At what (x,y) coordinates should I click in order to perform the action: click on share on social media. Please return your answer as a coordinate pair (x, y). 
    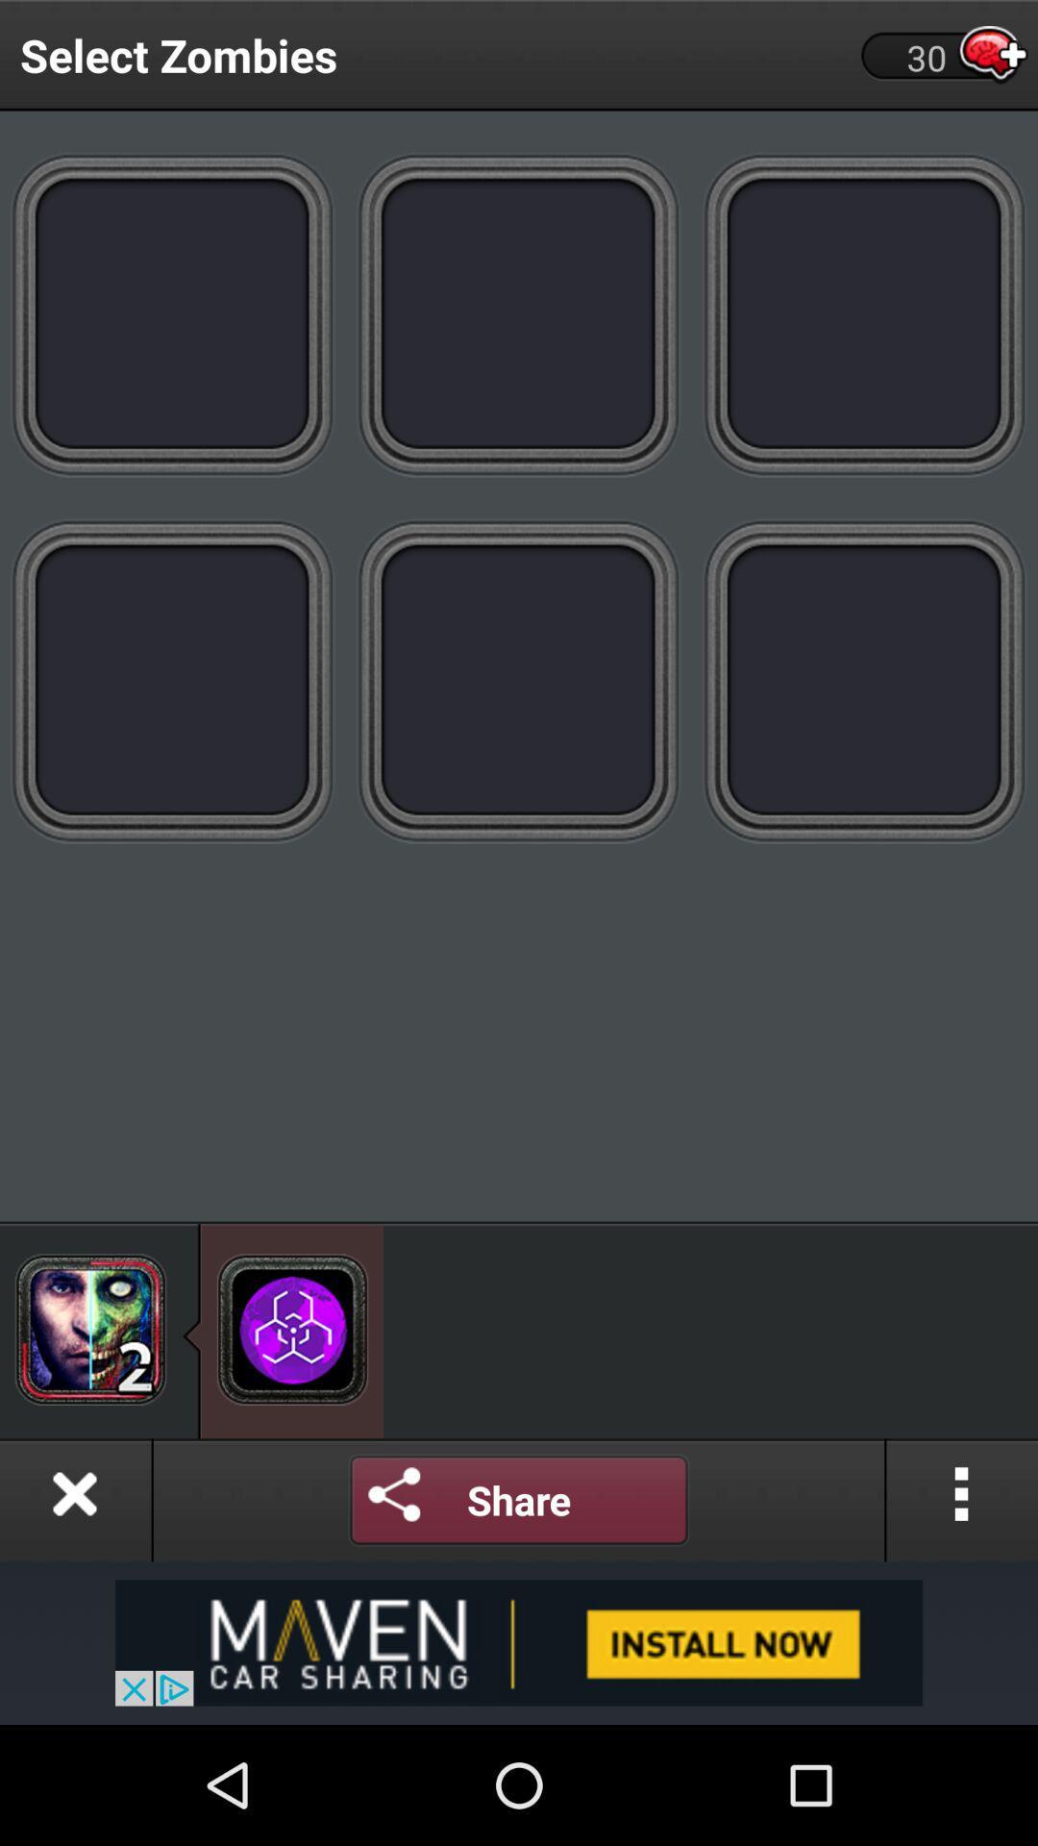
    Looking at the image, I should click on (394, 1499).